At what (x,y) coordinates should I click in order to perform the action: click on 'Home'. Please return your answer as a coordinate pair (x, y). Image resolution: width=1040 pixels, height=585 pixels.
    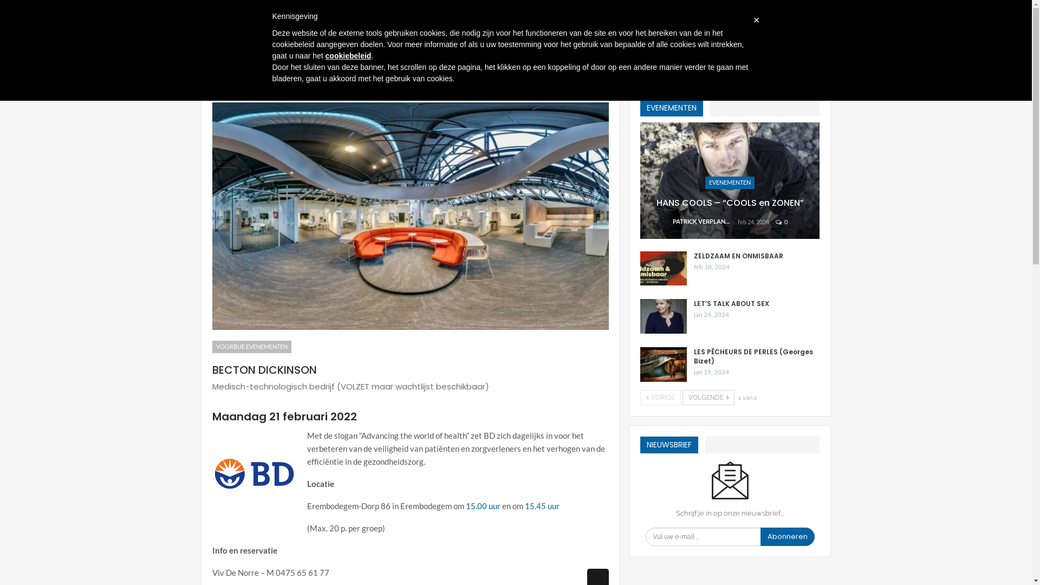
    Looking at the image, I should click on (210, 77).